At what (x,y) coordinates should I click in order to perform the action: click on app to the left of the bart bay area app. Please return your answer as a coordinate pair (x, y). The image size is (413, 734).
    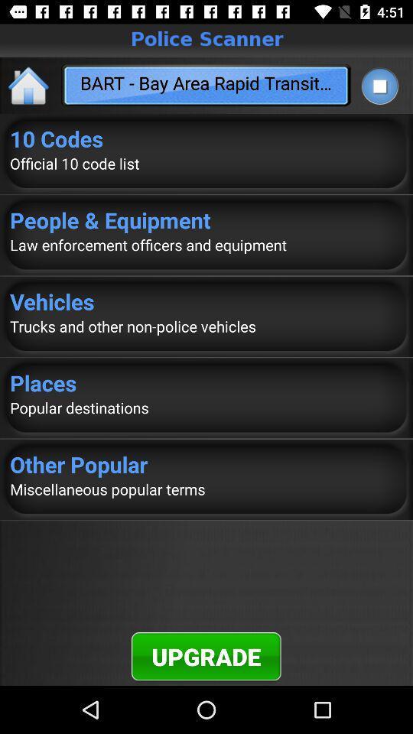
    Looking at the image, I should click on (29, 85).